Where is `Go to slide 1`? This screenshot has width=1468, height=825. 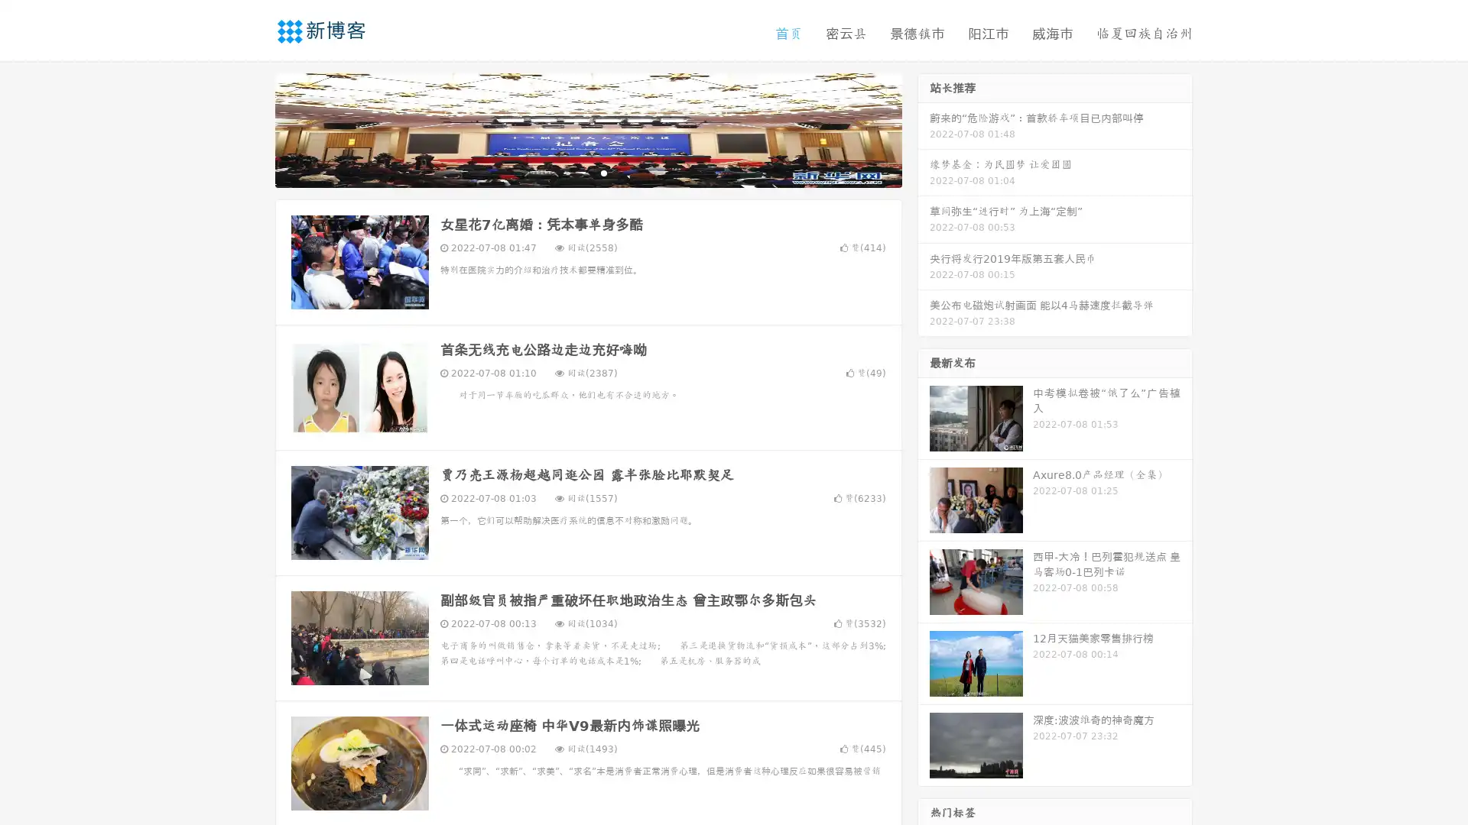
Go to slide 1 is located at coordinates (572, 172).